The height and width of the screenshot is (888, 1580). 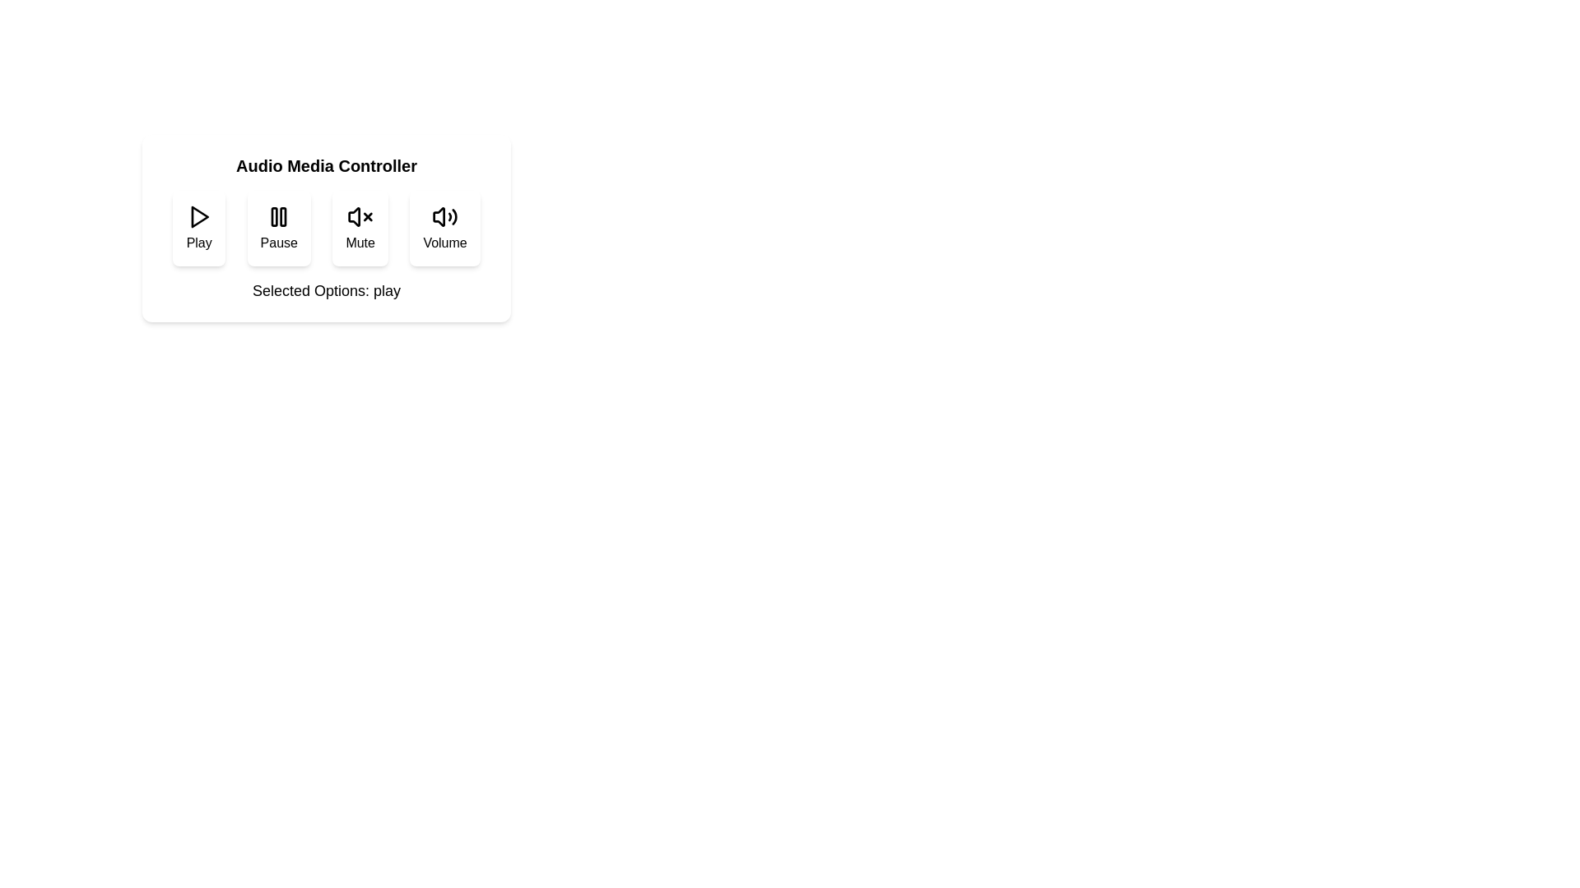 What do you see at coordinates (197, 228) in the screenshot?
I see `the Play button to toggle its state` at bounding box center [197, 228].